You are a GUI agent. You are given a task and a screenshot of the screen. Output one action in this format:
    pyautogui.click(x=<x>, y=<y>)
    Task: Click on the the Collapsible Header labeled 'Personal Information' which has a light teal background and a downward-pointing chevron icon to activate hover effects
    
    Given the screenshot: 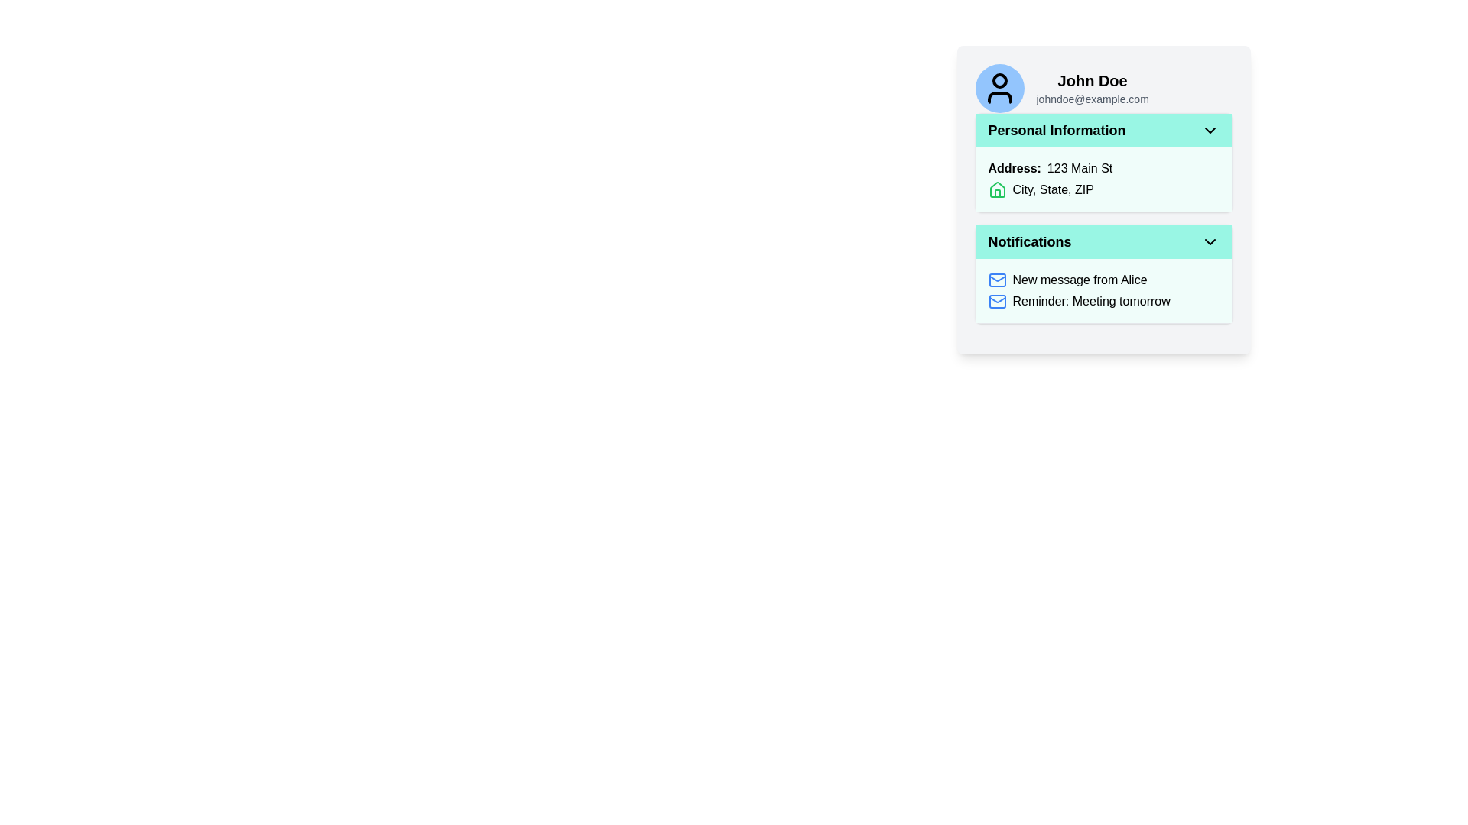 What is the action you would take?
    pyautogui.click(x=1103, y=129)
    